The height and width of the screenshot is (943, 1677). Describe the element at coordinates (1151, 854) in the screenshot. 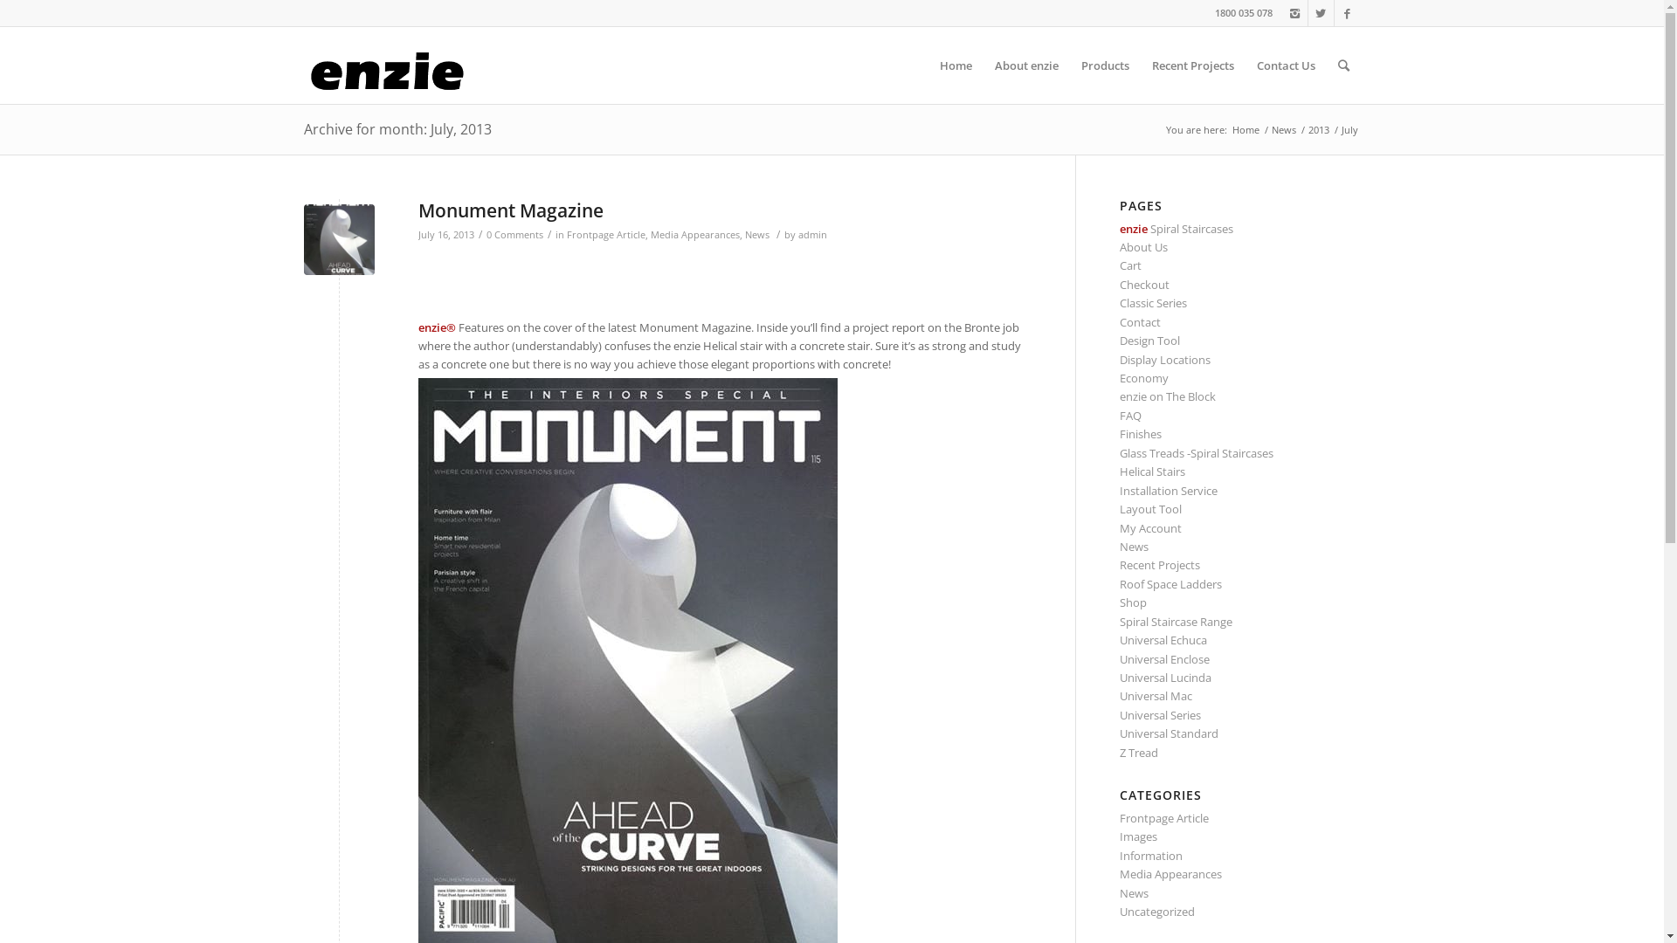

I see `'Information'` at that location.